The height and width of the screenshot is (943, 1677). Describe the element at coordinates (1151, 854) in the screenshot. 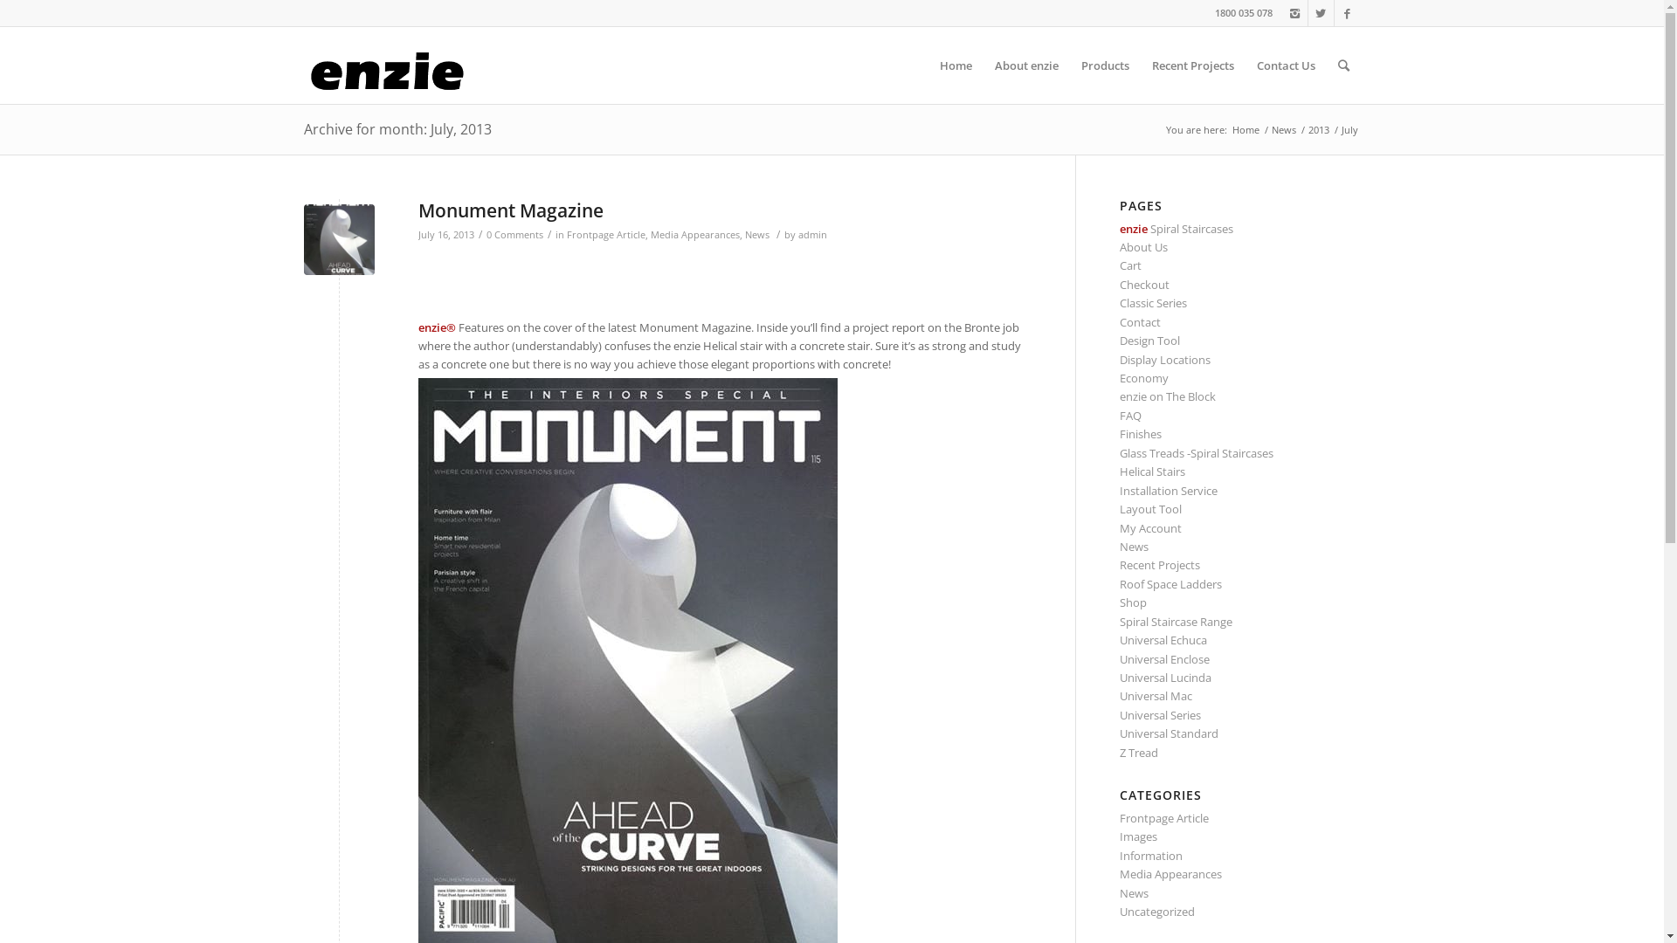

I see `'Information'` at that location.